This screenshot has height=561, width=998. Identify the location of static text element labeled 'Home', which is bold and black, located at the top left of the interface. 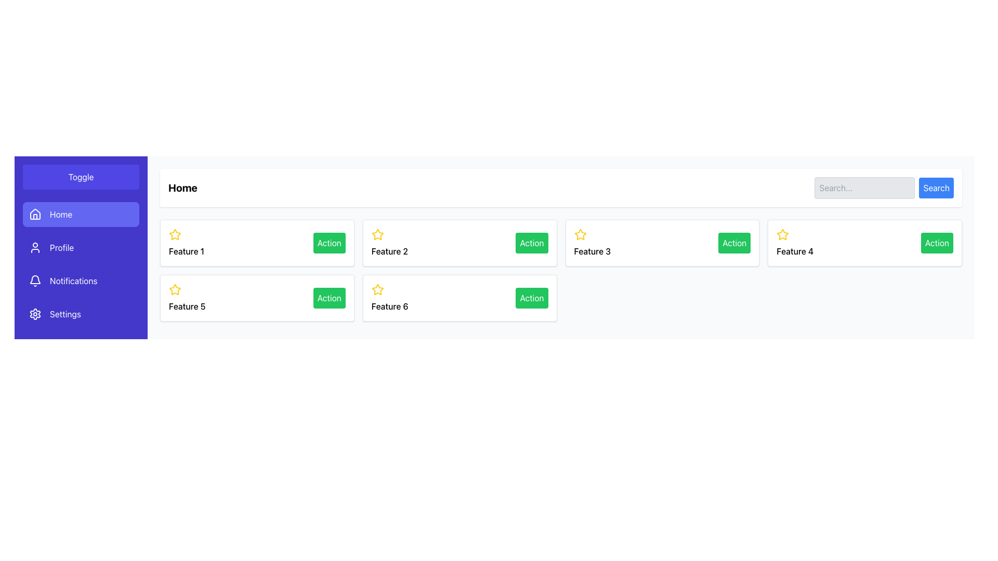
(182, 188).